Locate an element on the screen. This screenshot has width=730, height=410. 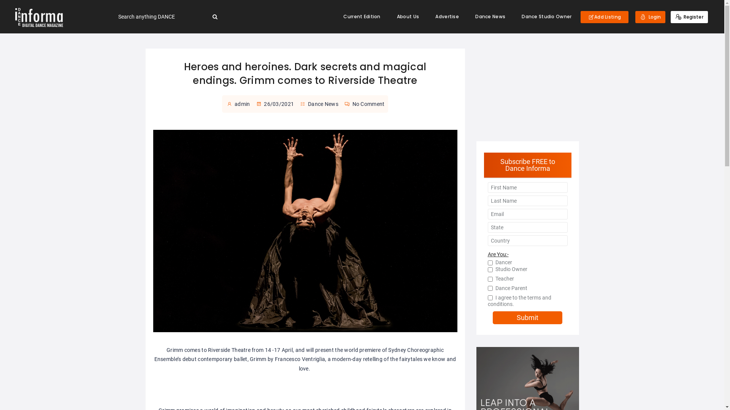
'Submit' is located at coordinates (527, 318).